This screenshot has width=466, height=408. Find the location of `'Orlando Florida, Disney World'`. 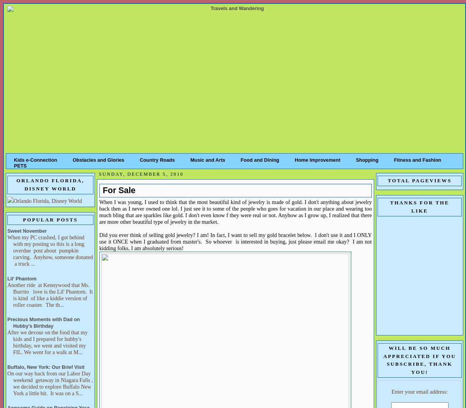

'Orlando Florida, Disney World' is located at coordinates (50, 184).